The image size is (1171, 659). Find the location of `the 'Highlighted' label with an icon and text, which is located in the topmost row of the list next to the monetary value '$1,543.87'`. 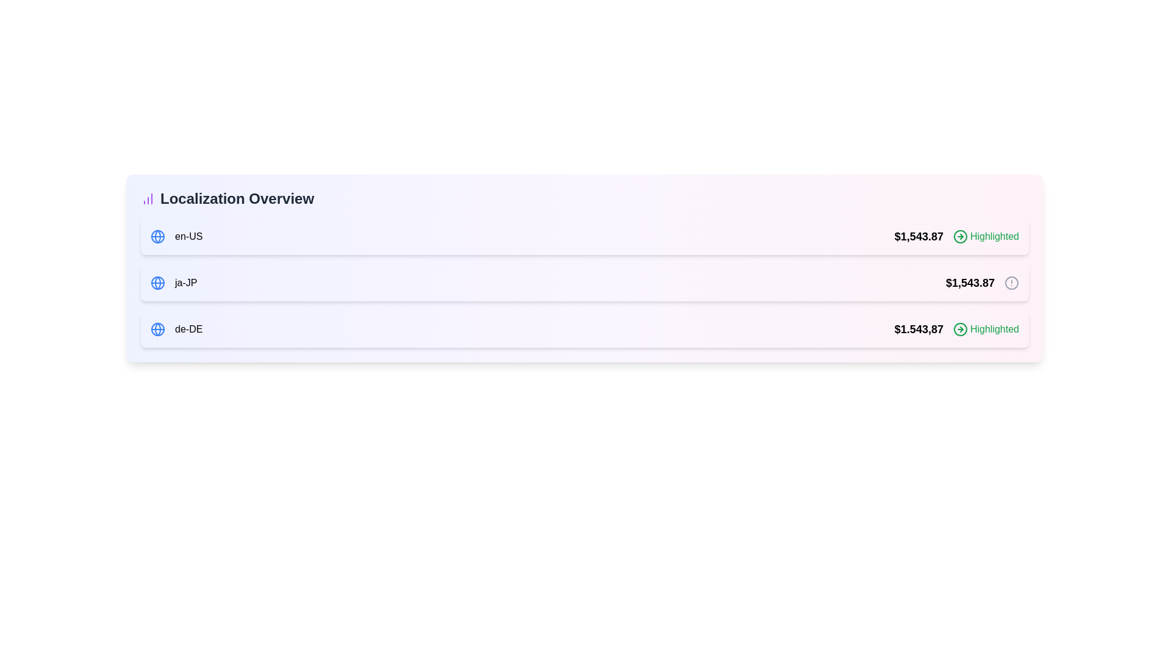

the 'Highlighted' label with an icon and text, which is located in the topmost row of the list next to the monetary value '$1,543.87' is located at coordinates (986, 237).